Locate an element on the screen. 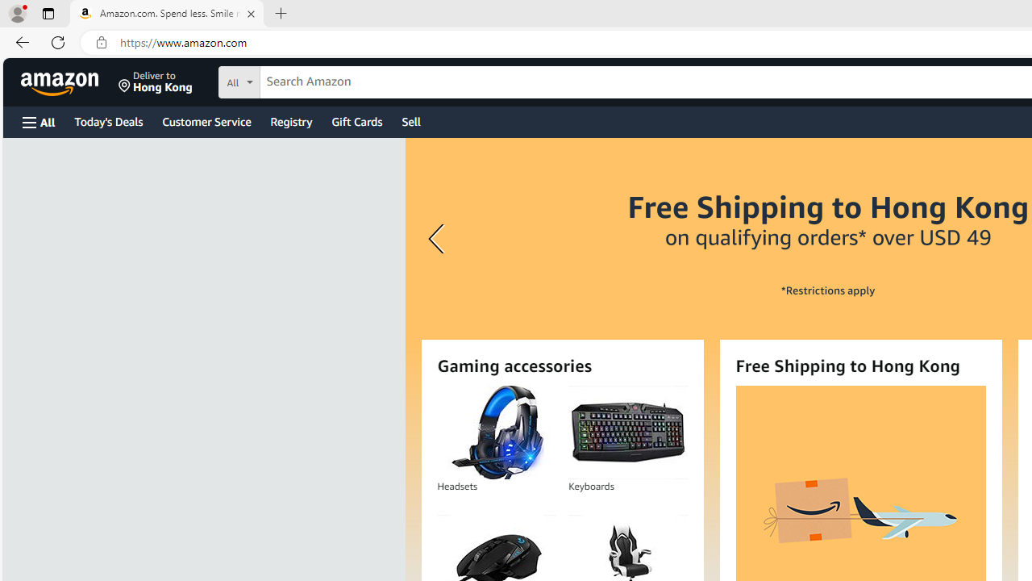 This screenshot has height=581, width=1032. 'Deliver to Hong Kong' is located at coordinates (156, 82).